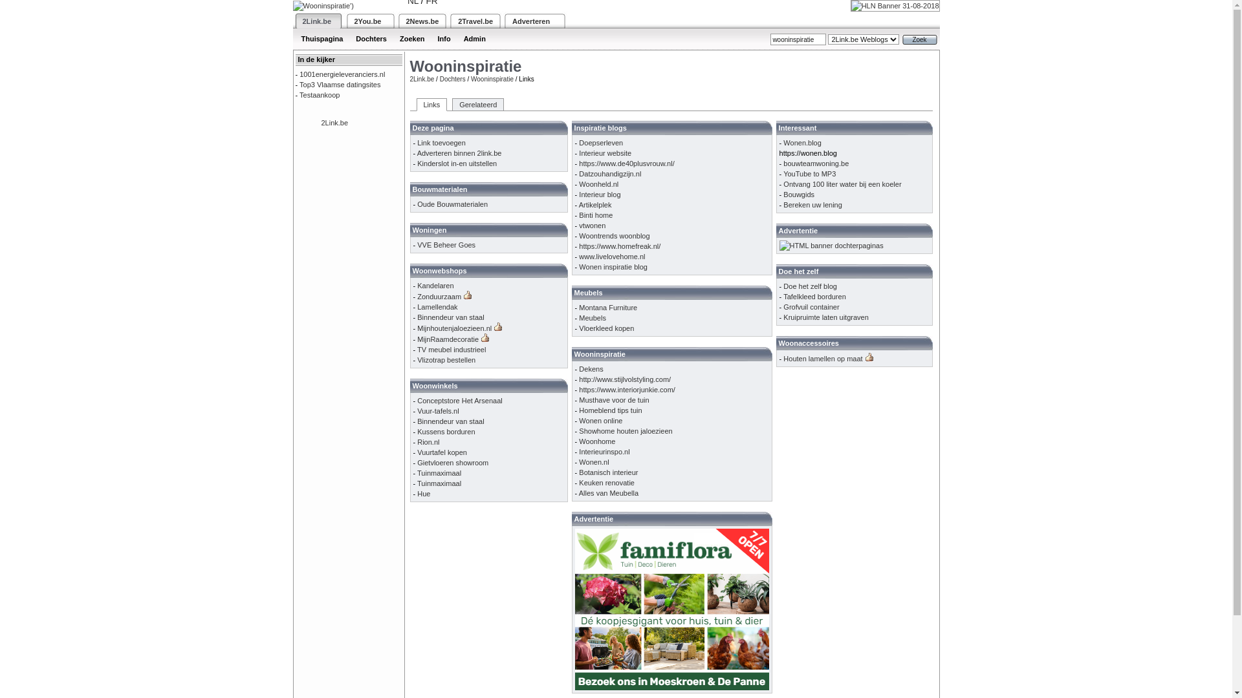 This screenshot has height=698, width=1242. I want to click on '1001energieleveranciers.nl', so click(342, 74).